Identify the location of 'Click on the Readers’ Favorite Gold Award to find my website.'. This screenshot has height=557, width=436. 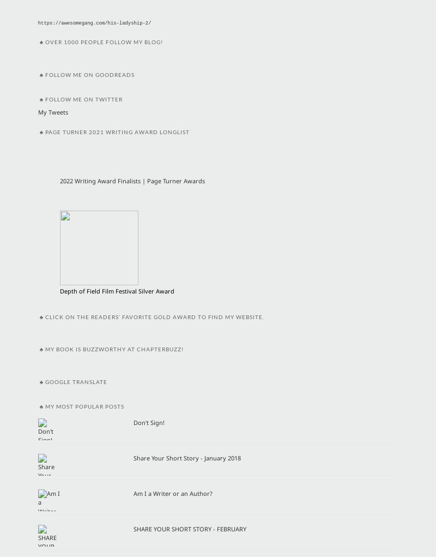
(155, 316).